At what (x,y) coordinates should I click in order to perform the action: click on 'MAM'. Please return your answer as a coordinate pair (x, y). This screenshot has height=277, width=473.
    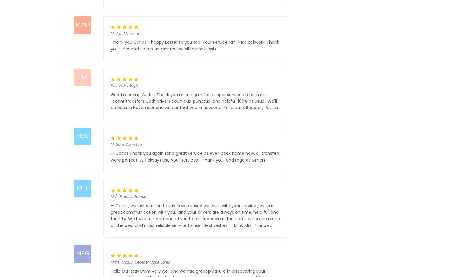
    Looking at the image, I should click on (82, 24).